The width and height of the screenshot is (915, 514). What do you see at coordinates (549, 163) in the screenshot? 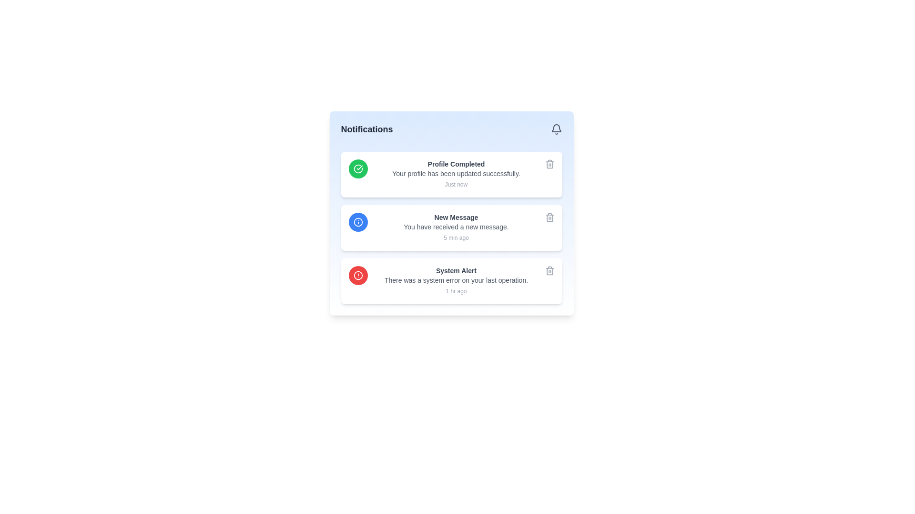
I see `the trash bin icon button located at the top right corner of the 'Profile Completed' notification card` at bounding box center [549, 163].